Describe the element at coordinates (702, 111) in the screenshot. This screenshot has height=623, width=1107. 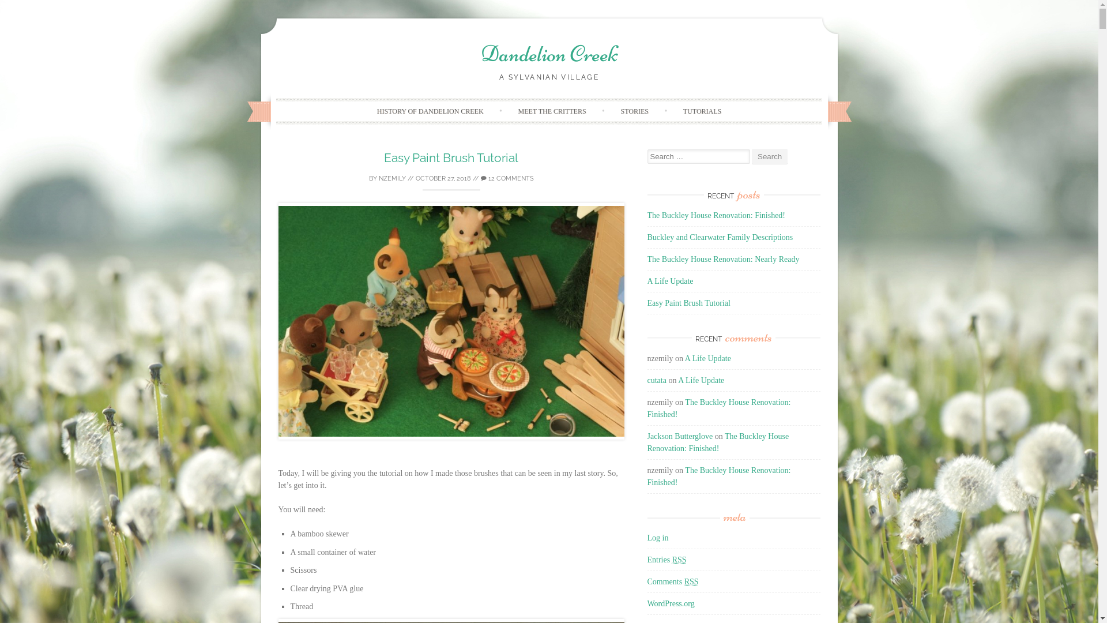
I see `'TUTORIALS'` at that location.